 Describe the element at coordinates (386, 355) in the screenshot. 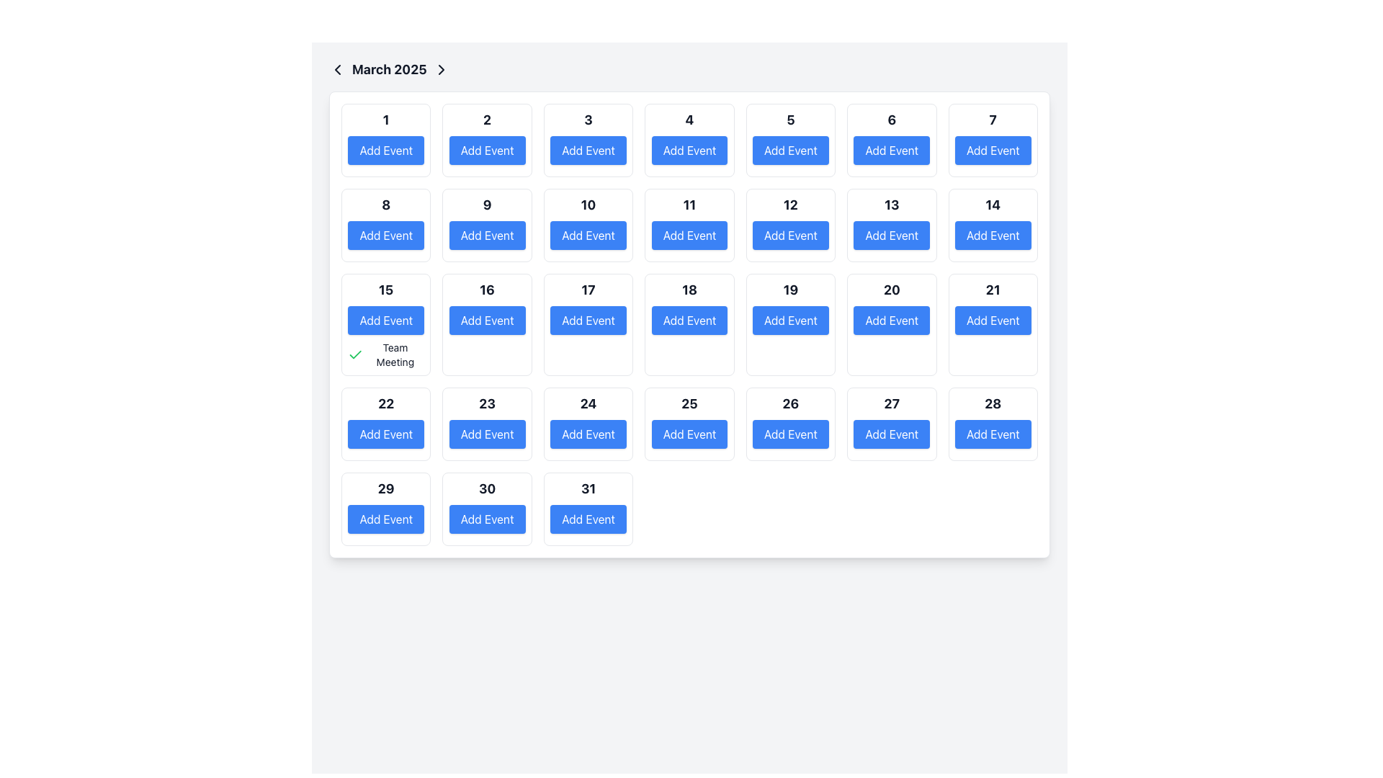

I see `the 'Team Meeting' text with an icon located inside the card for day 15 in the calendar grid` at that location.